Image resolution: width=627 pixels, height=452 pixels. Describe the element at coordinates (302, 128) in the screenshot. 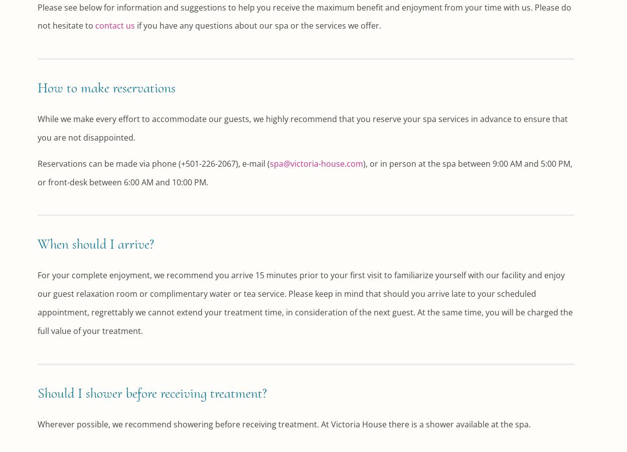

I see `'While we make every effort to accommodate our guests, we highly recommend that you reserve your spa services in advance to ensure that you are not disappointed.'` at that location.